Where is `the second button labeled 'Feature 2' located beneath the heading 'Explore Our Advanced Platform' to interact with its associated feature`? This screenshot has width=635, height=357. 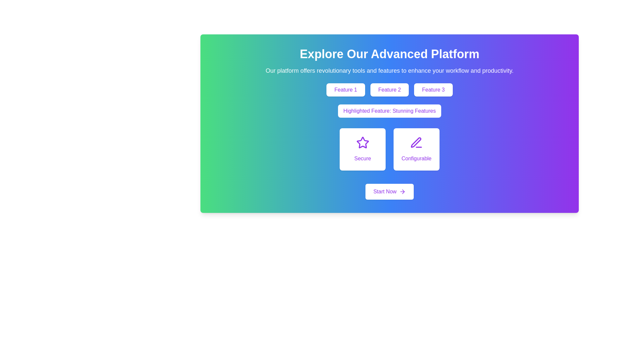
the second button labeled 'Feature 2' located beneath the heading 'Explore Our Advanced Platform' to interact with its associated feature is located at coordinates (389, 90).